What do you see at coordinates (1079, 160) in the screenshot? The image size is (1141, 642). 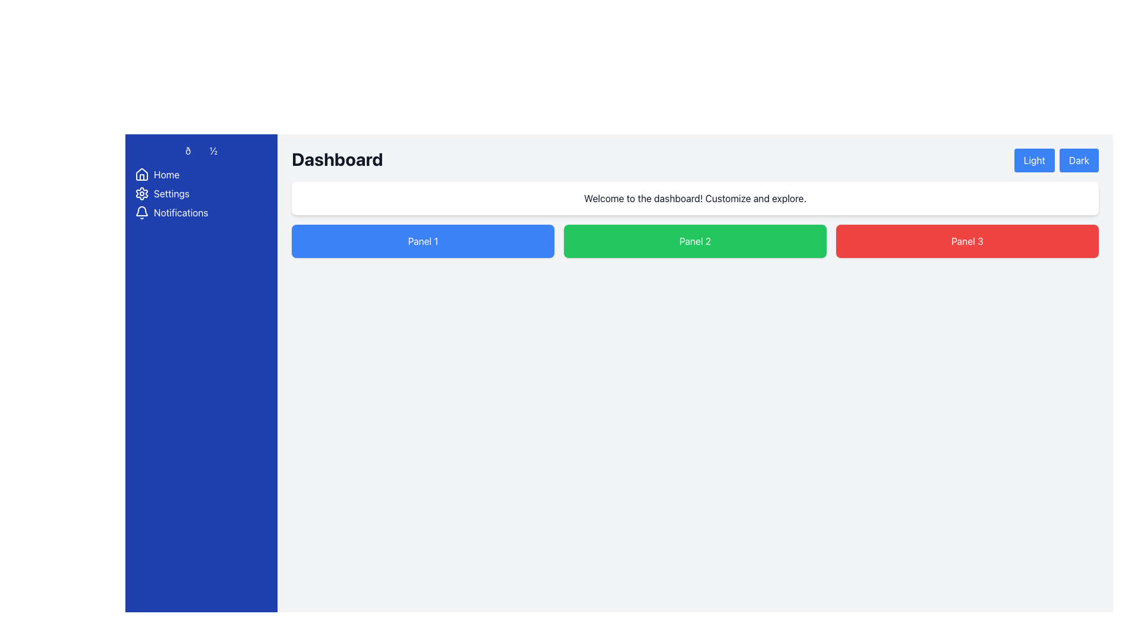 I see `the dark theme toggle button located in the top-right corner of the interface` at bounding box center [1079, 160].